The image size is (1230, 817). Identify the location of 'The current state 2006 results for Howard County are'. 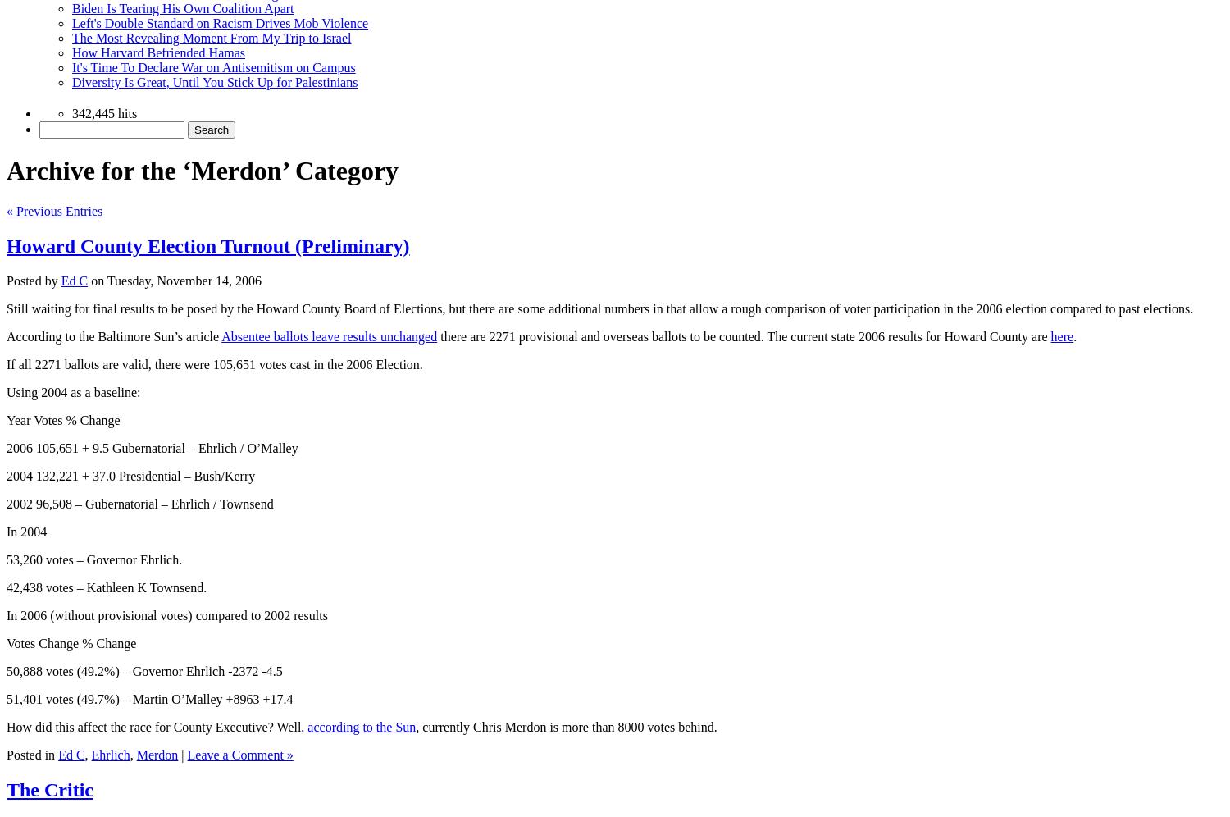
(908, 335).